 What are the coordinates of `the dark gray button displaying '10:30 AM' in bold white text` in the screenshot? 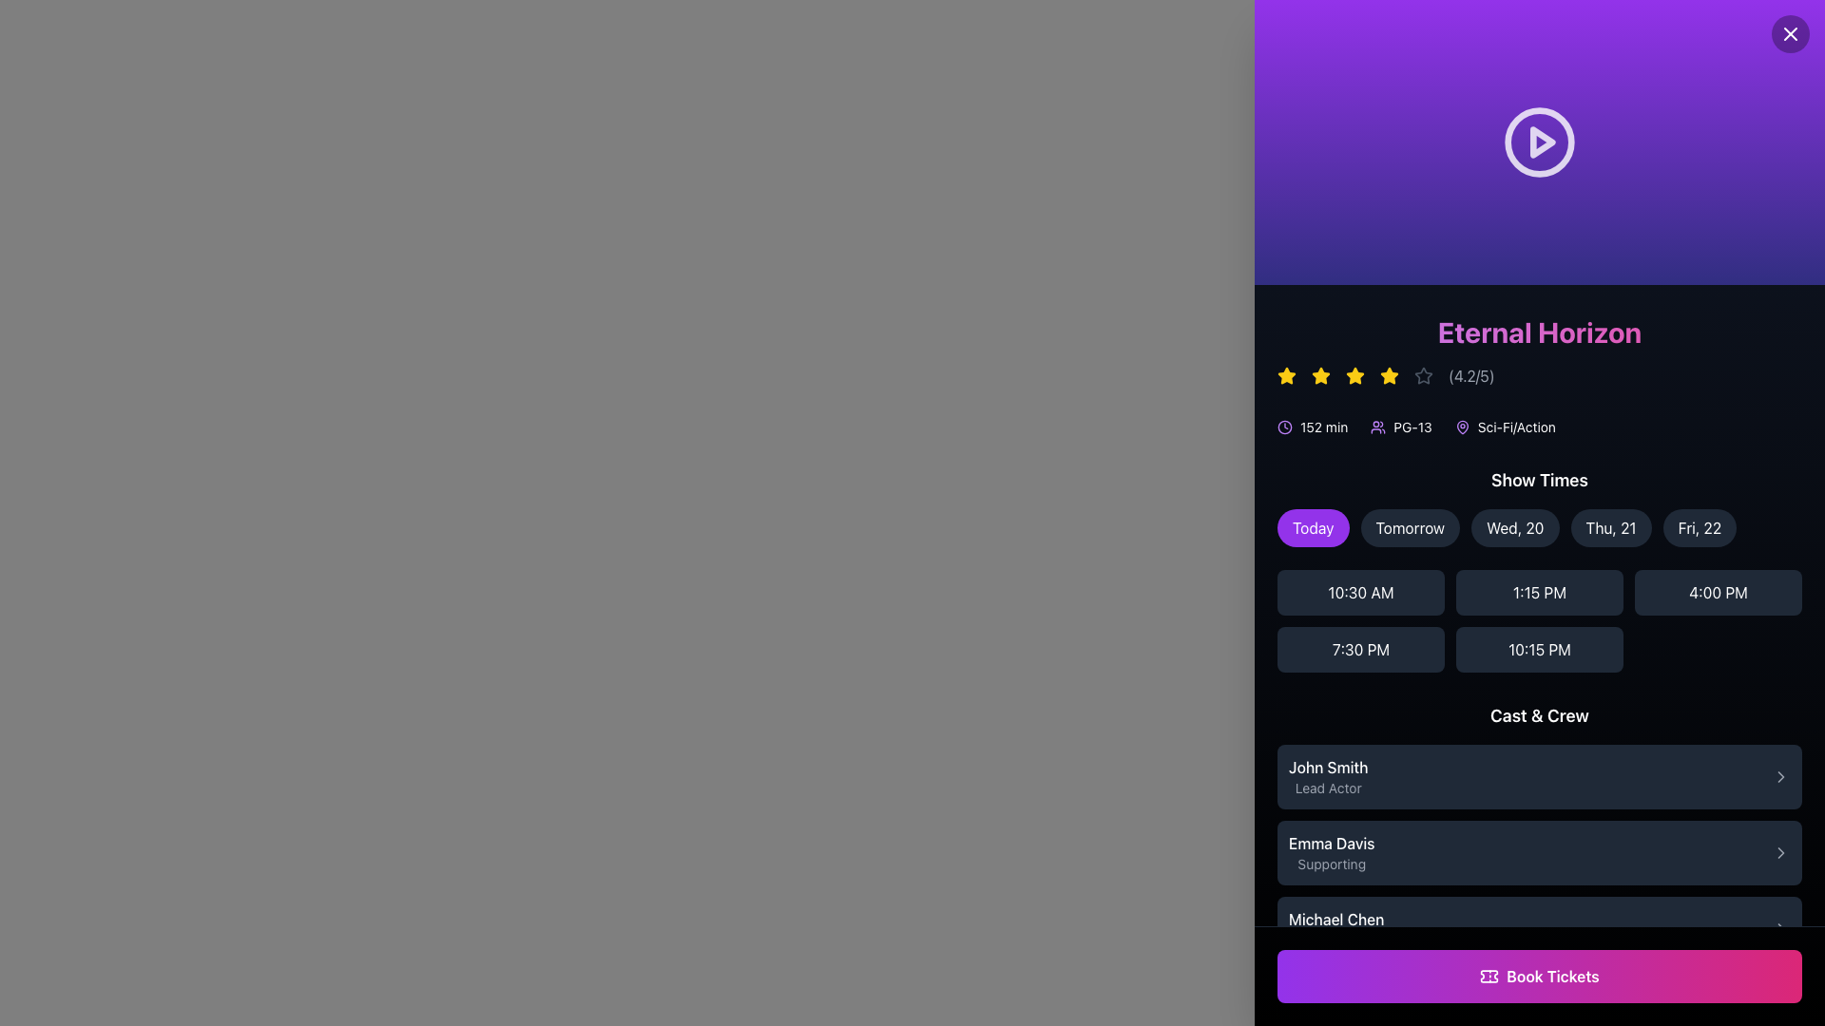 It's located at (1359, 592).